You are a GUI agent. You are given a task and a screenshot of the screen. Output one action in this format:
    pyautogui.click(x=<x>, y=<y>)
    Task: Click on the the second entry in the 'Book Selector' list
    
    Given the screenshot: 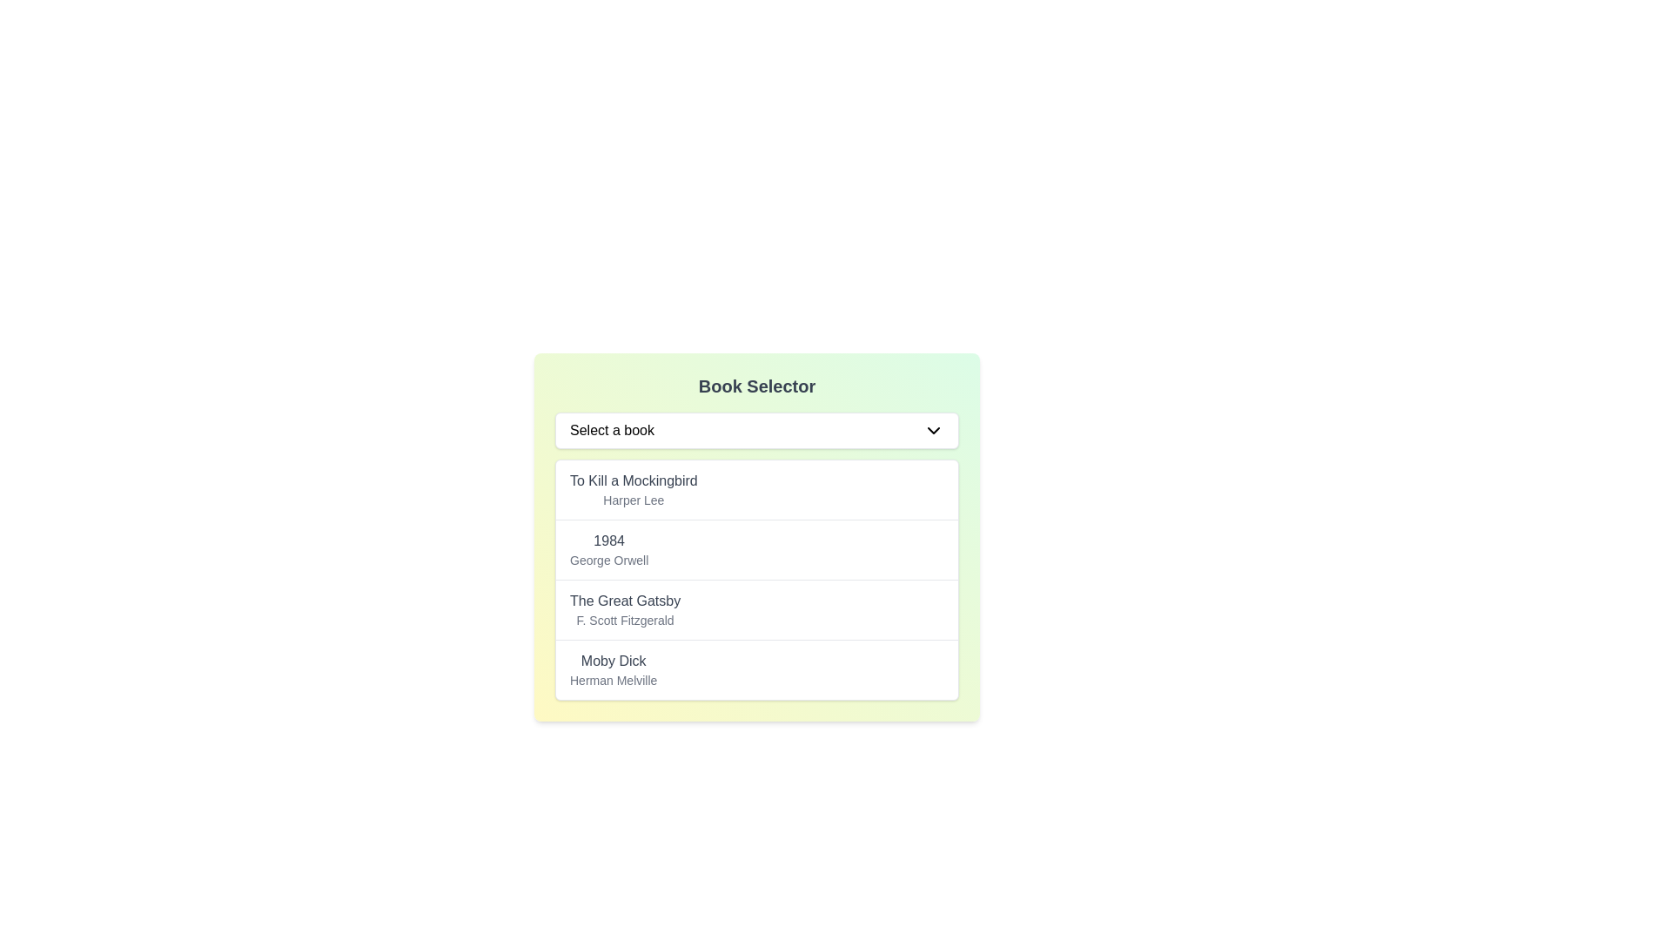 What is the action you would take?
    pyautogui.click(x=609, y=550)
    